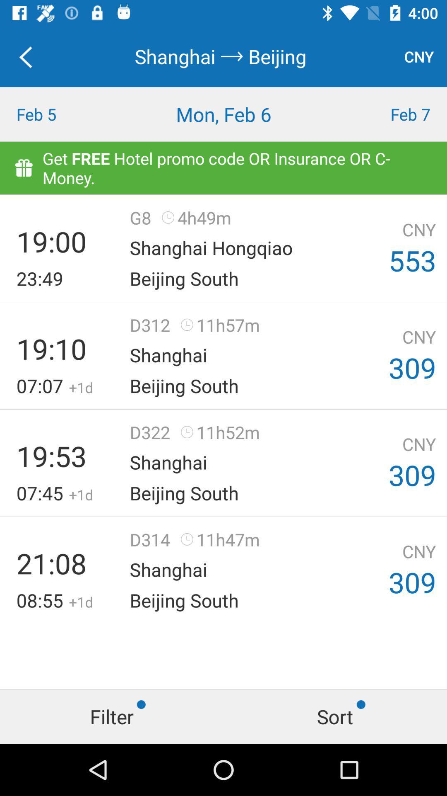 The image size is (447, 796). Describe the element at coordinates (391, 114) in the screenshot. I see `item to the right of mon, feb 6 item` at that location.